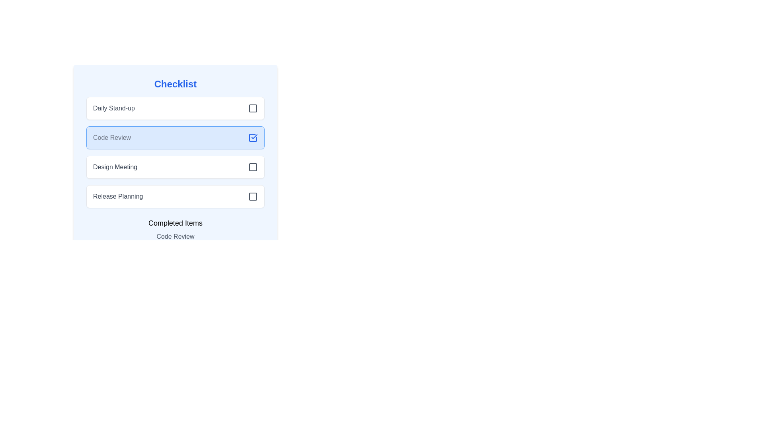 The height and width of the screenshot is (429, 764). What do you see at coordinates (175, 153) in the screenshot?
I see `the second checklist item, which is marked with a strikethrough text and a checked box` at bounding box center [175, 153].